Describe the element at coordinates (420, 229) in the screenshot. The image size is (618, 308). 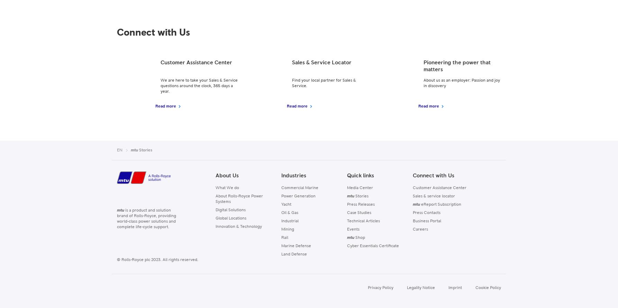
I see `'Careers'` at that location.